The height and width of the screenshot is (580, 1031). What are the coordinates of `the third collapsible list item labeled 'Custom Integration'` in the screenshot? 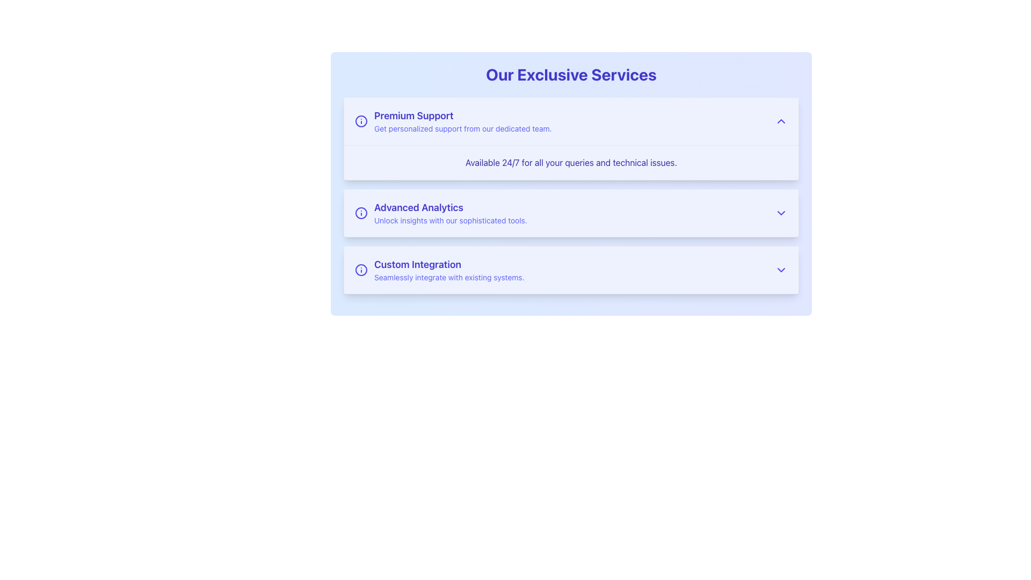 It's located at (571, 269).